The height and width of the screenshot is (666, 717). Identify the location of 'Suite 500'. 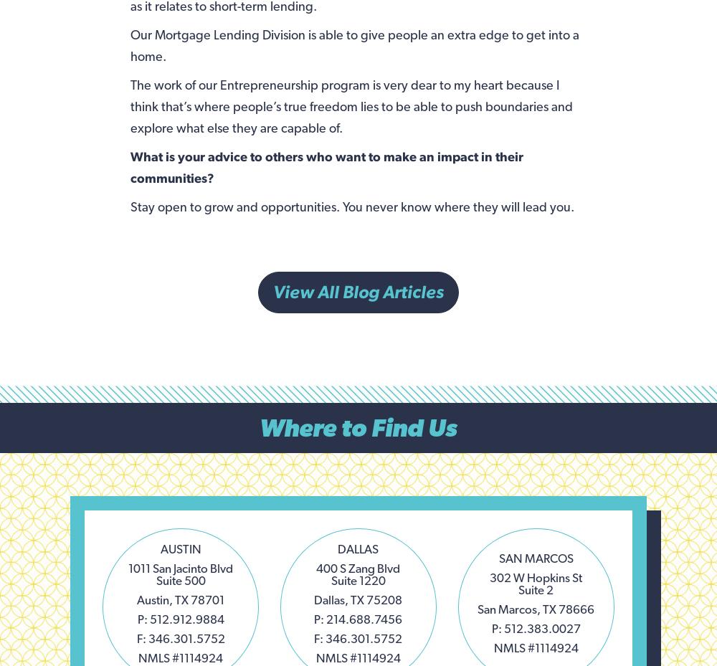
(180, 579).